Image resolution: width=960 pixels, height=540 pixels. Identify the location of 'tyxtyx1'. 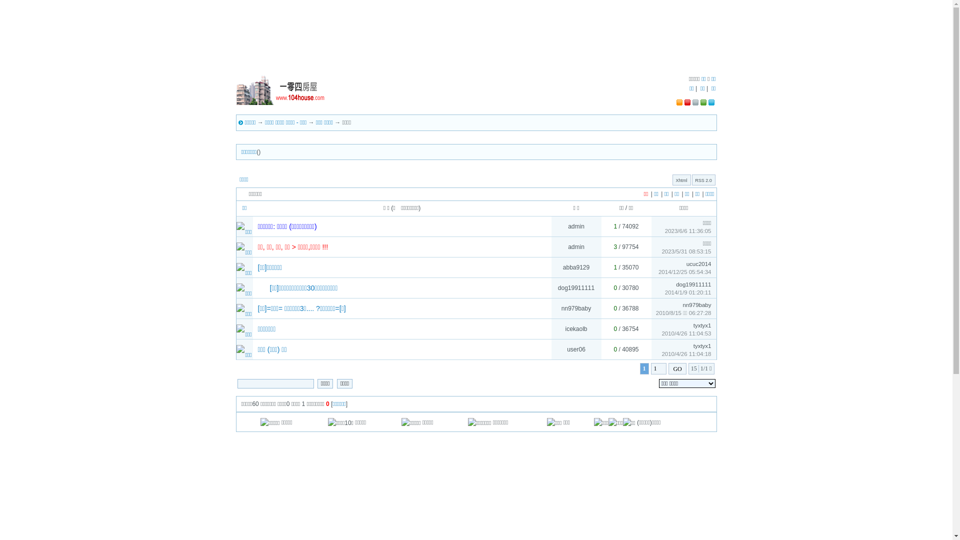
(702, 345).